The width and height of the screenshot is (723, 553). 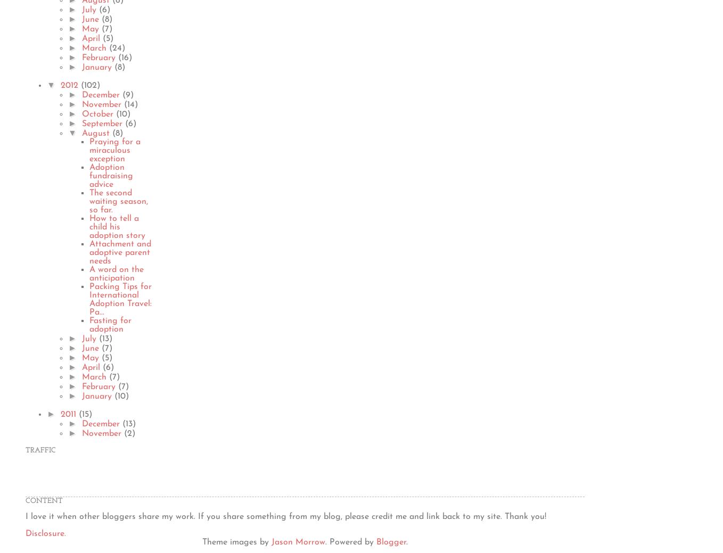 I want to click on 'Packing Tips for International Adoption Travel: Pa...', so click(x=120, y=299).